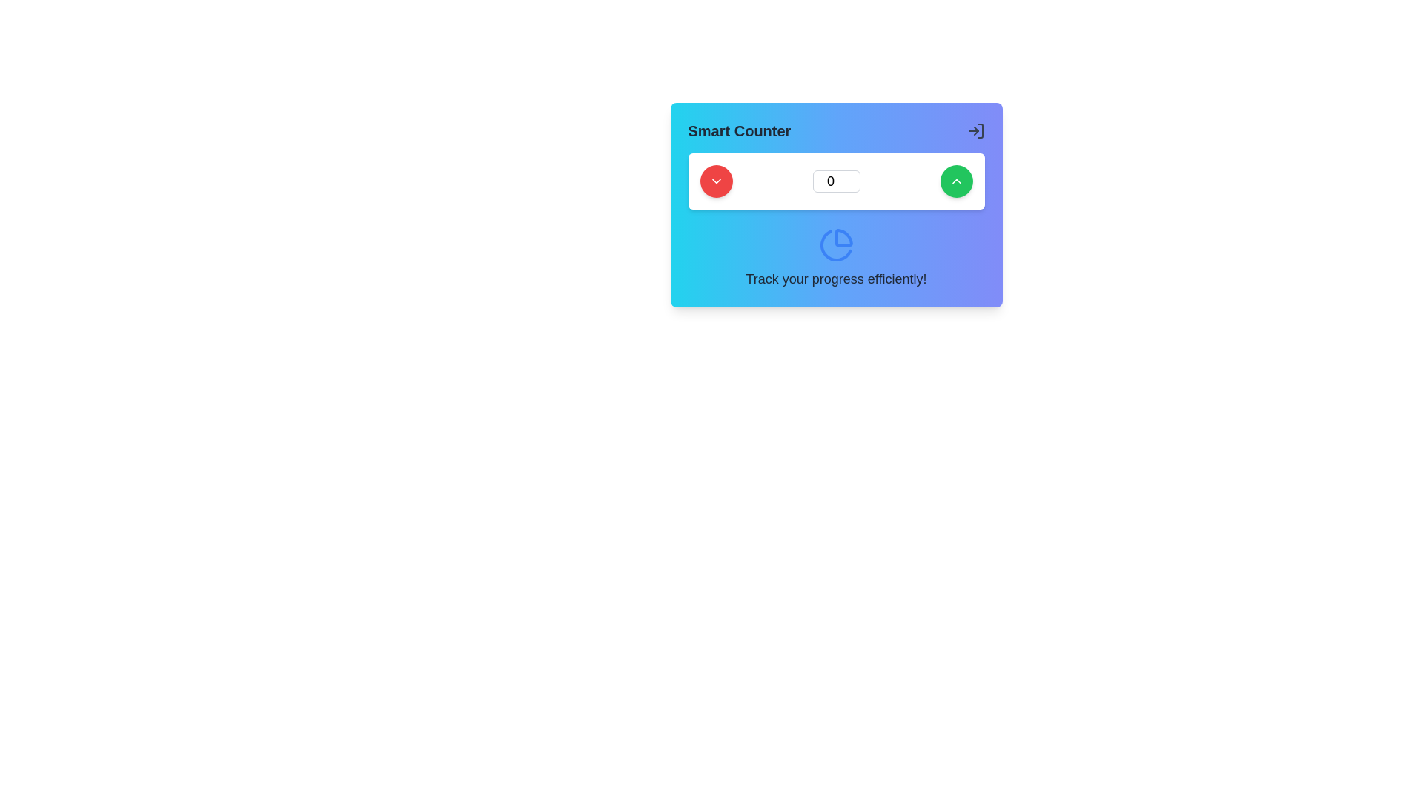  I want to click on the downward arrow icon located within the red circular button on the left side of the interactive control bar, under the 'Smart Counter' header inside the blue and purple gradient card, so click(716, 181).